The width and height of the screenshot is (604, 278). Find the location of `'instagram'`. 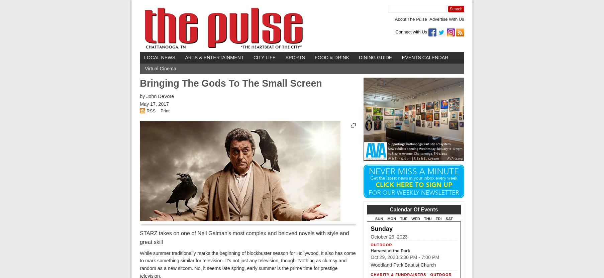

'instagram' is located at coordinates (500, 30).